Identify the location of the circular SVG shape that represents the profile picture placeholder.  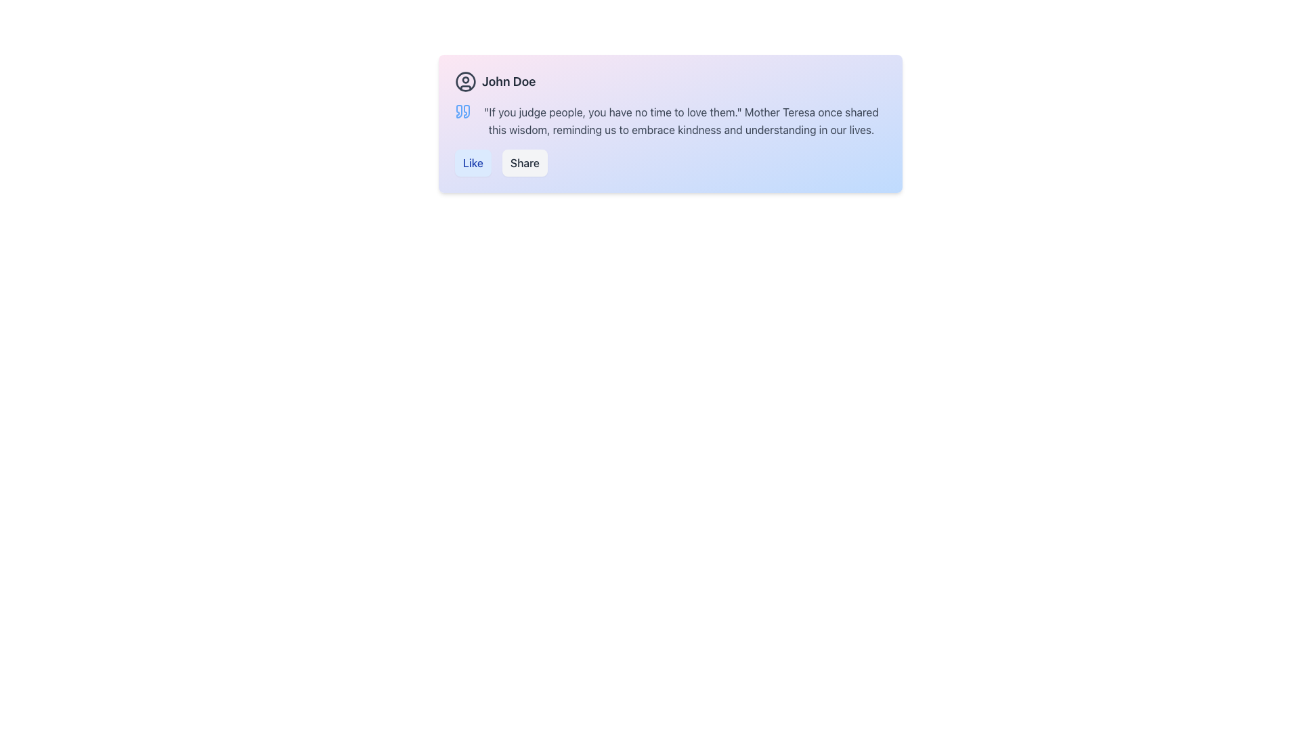
(465, 81).